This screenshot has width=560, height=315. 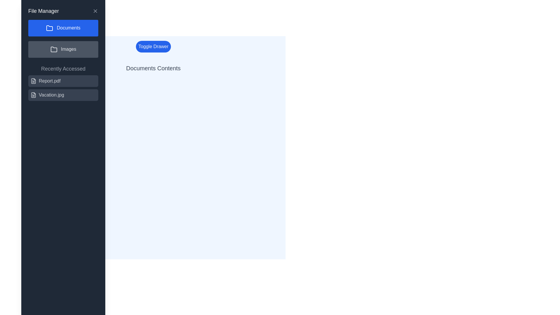 What do you see at coordinates (54, 49) in the screenshot?
I see `the 'Images' icon in the left sidebar of the file manager, which is located below the 'Documents' section and above the 'Recently Accessed' files section` at bounding box center [54, 49].